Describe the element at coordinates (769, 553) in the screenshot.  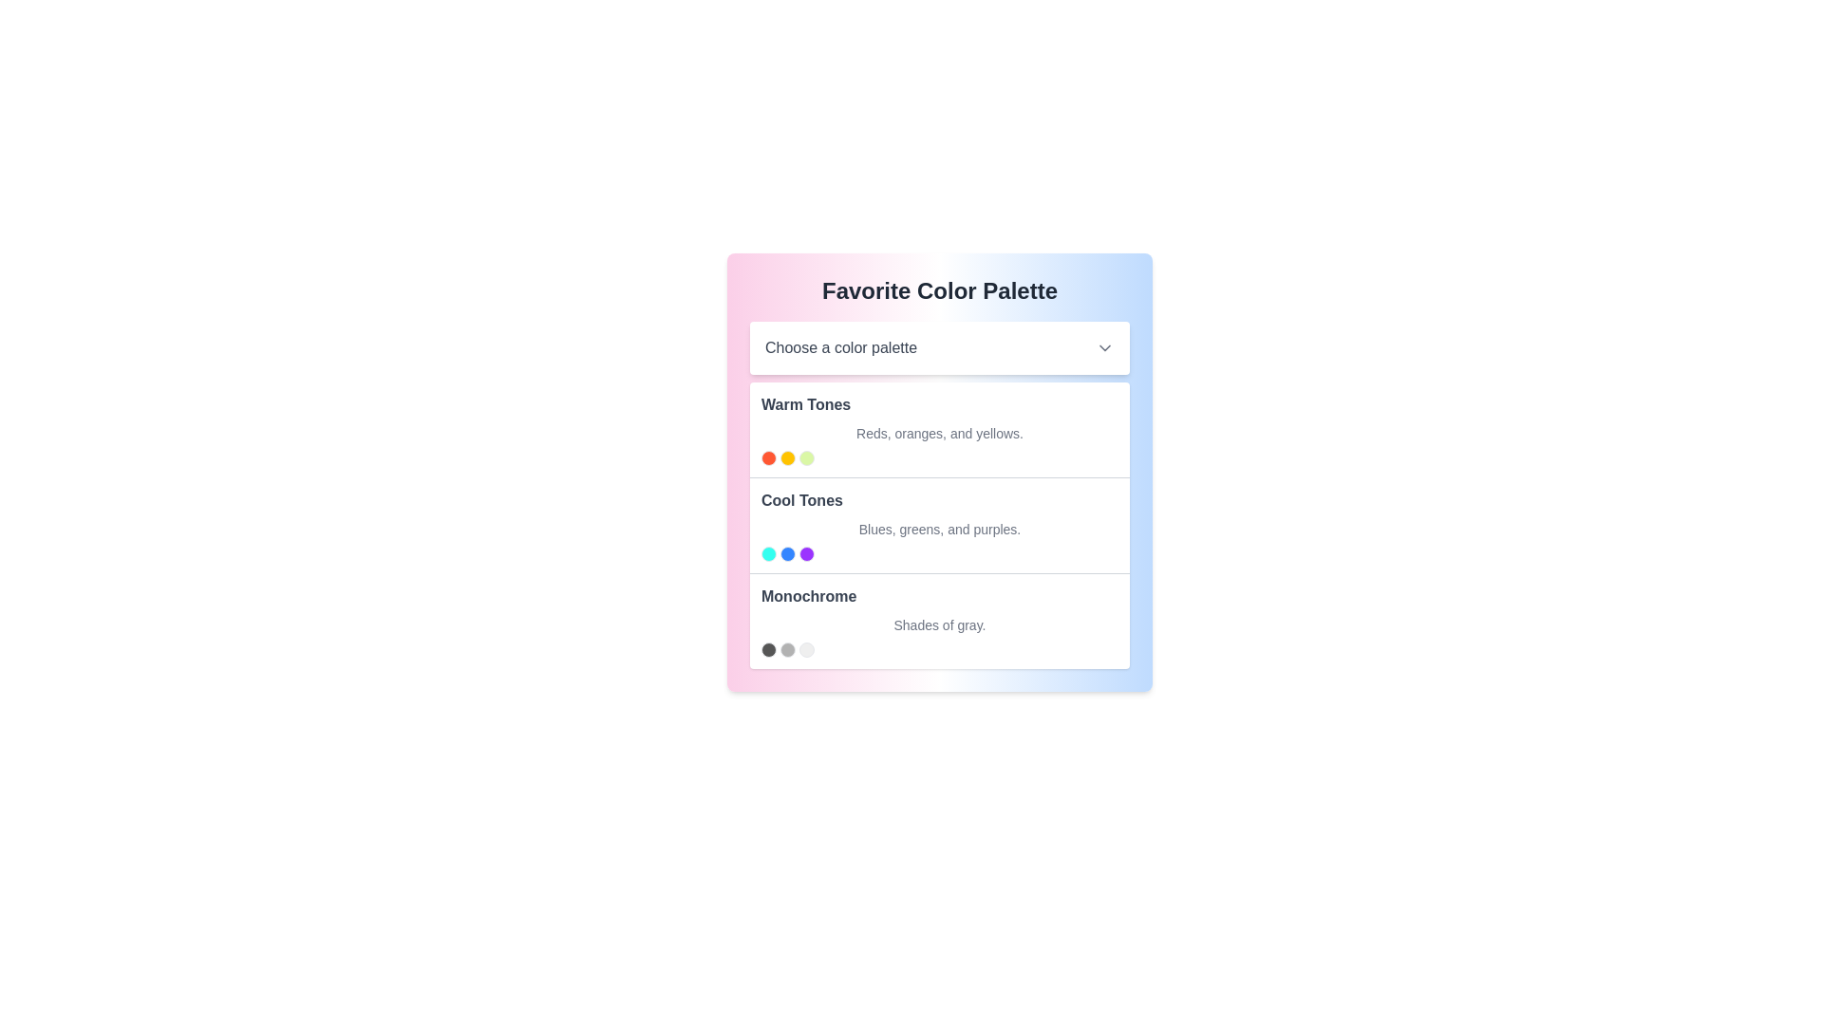
I see `the first color indicator in the 'Cool Tones' section` at that location.